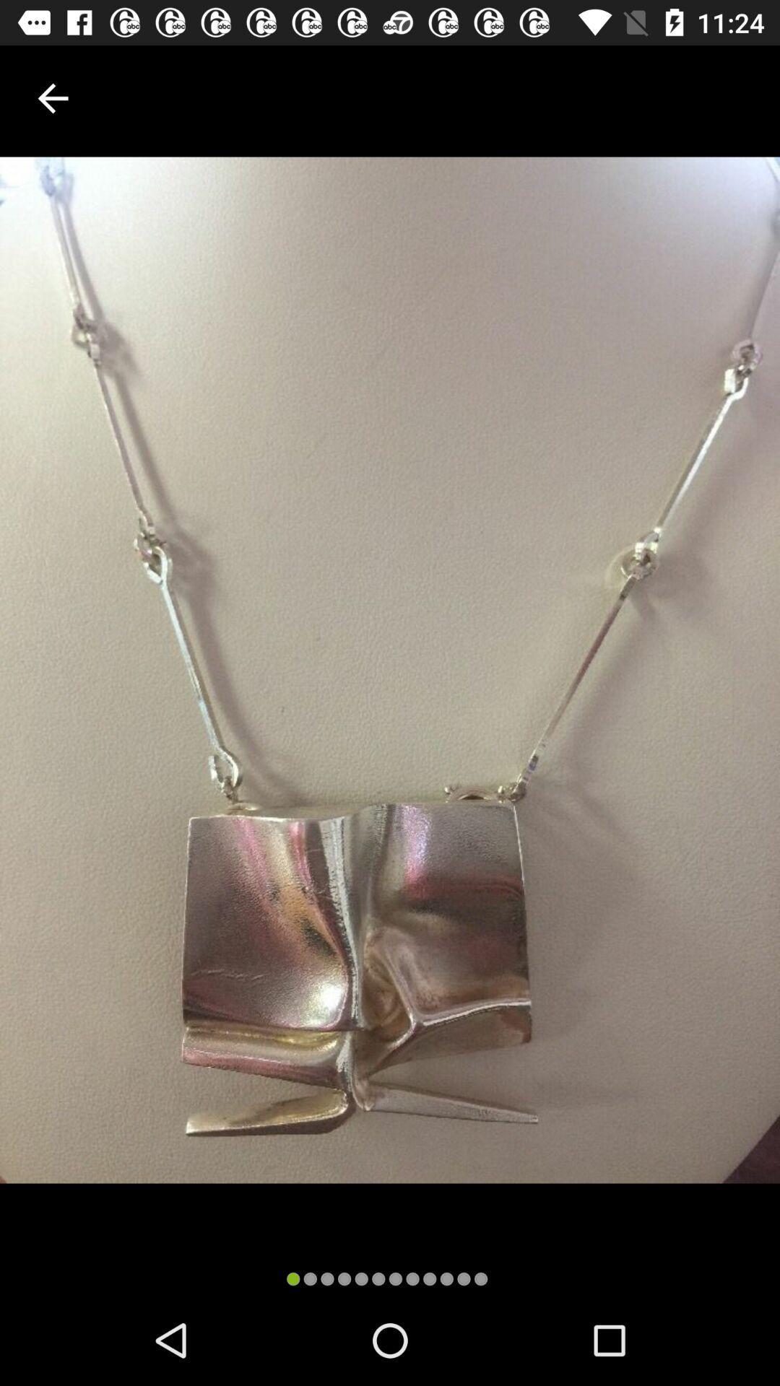  I want to click on go back, so click(52, 97).